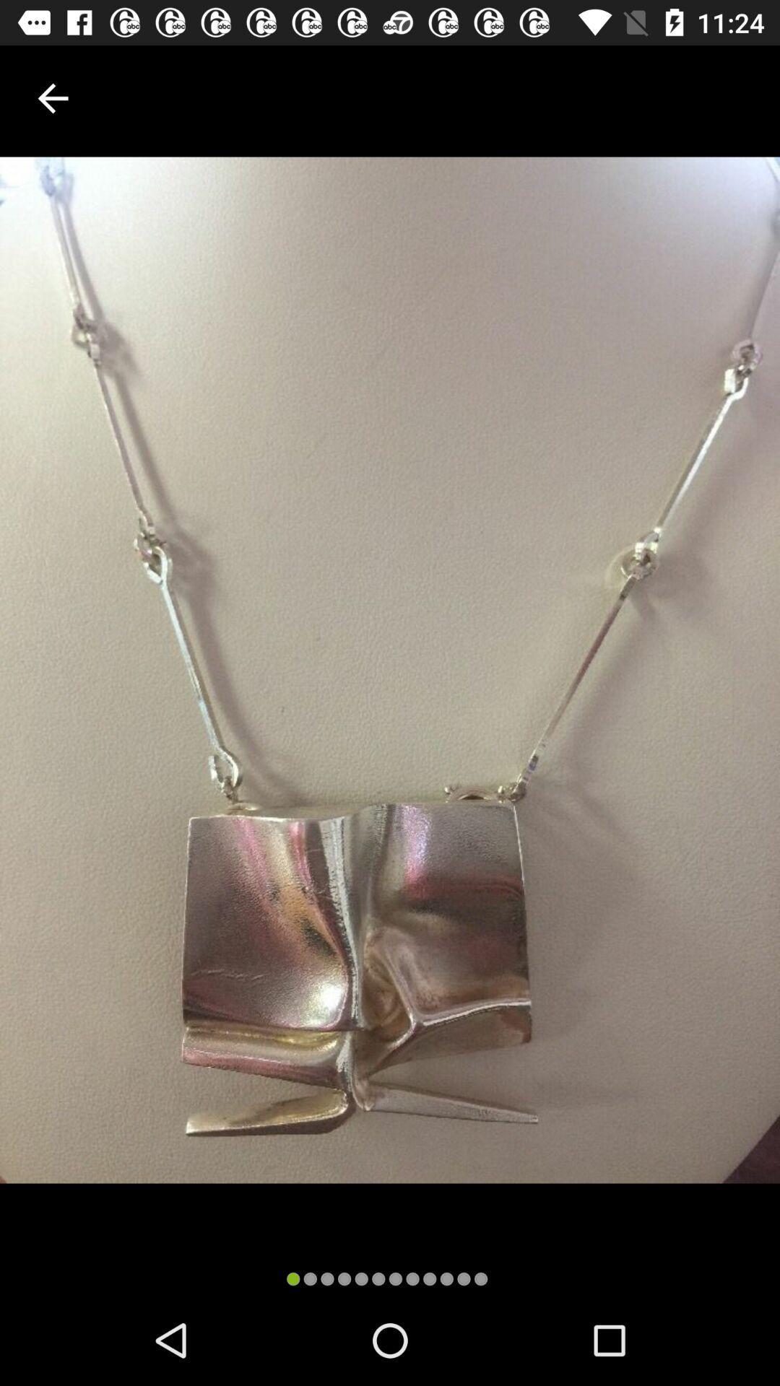  I want to click on go back, so click(52, 97).